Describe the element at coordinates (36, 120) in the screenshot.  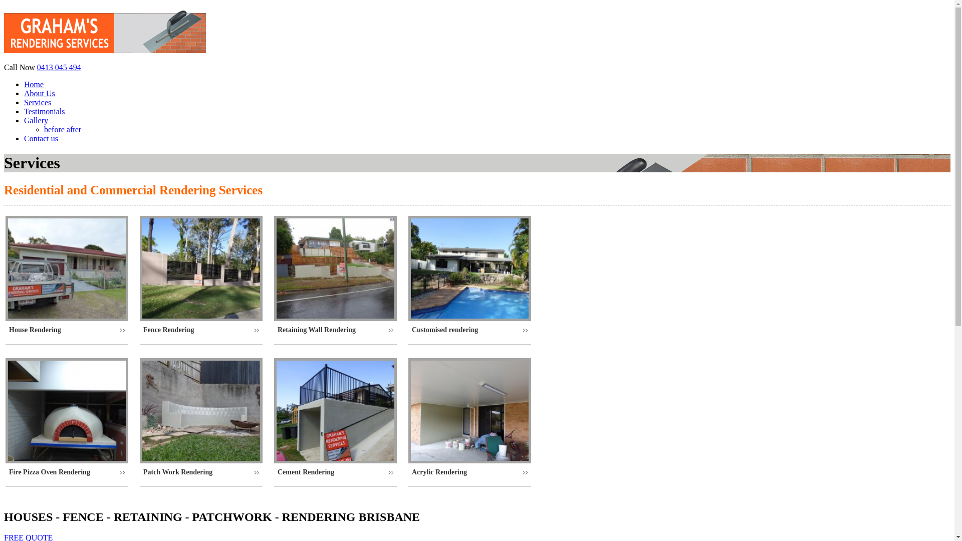
I see `'Gallery'` at that location.